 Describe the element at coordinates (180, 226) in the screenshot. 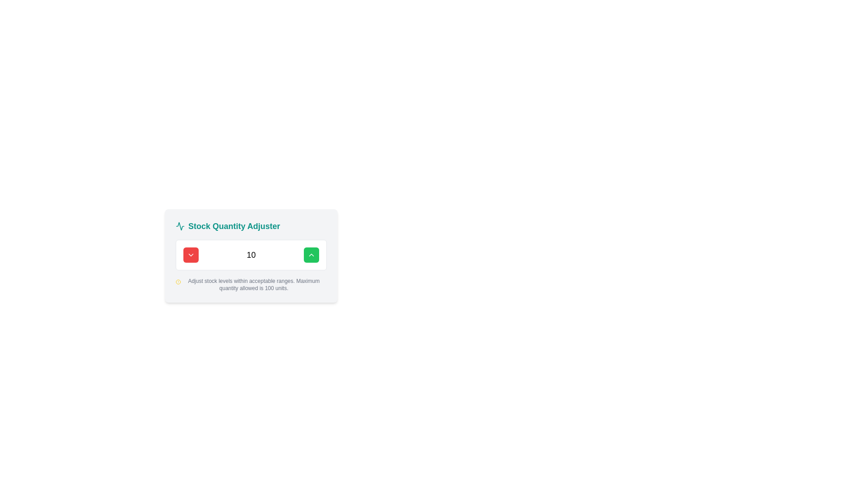

I see `the teal activity or pulse graph icon located to the left of the 'Stock Quantity Adjuster' title` at that location.